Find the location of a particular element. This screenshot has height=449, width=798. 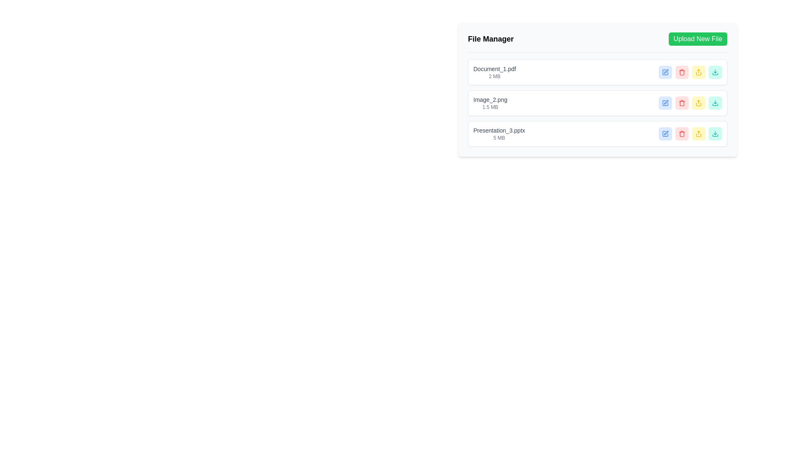

the text label displaying 'Document_1.pdf' with a file size of '2 MB', which is located at the top of the list inside the 'File Manager' card is located at coordinates (495, 72).